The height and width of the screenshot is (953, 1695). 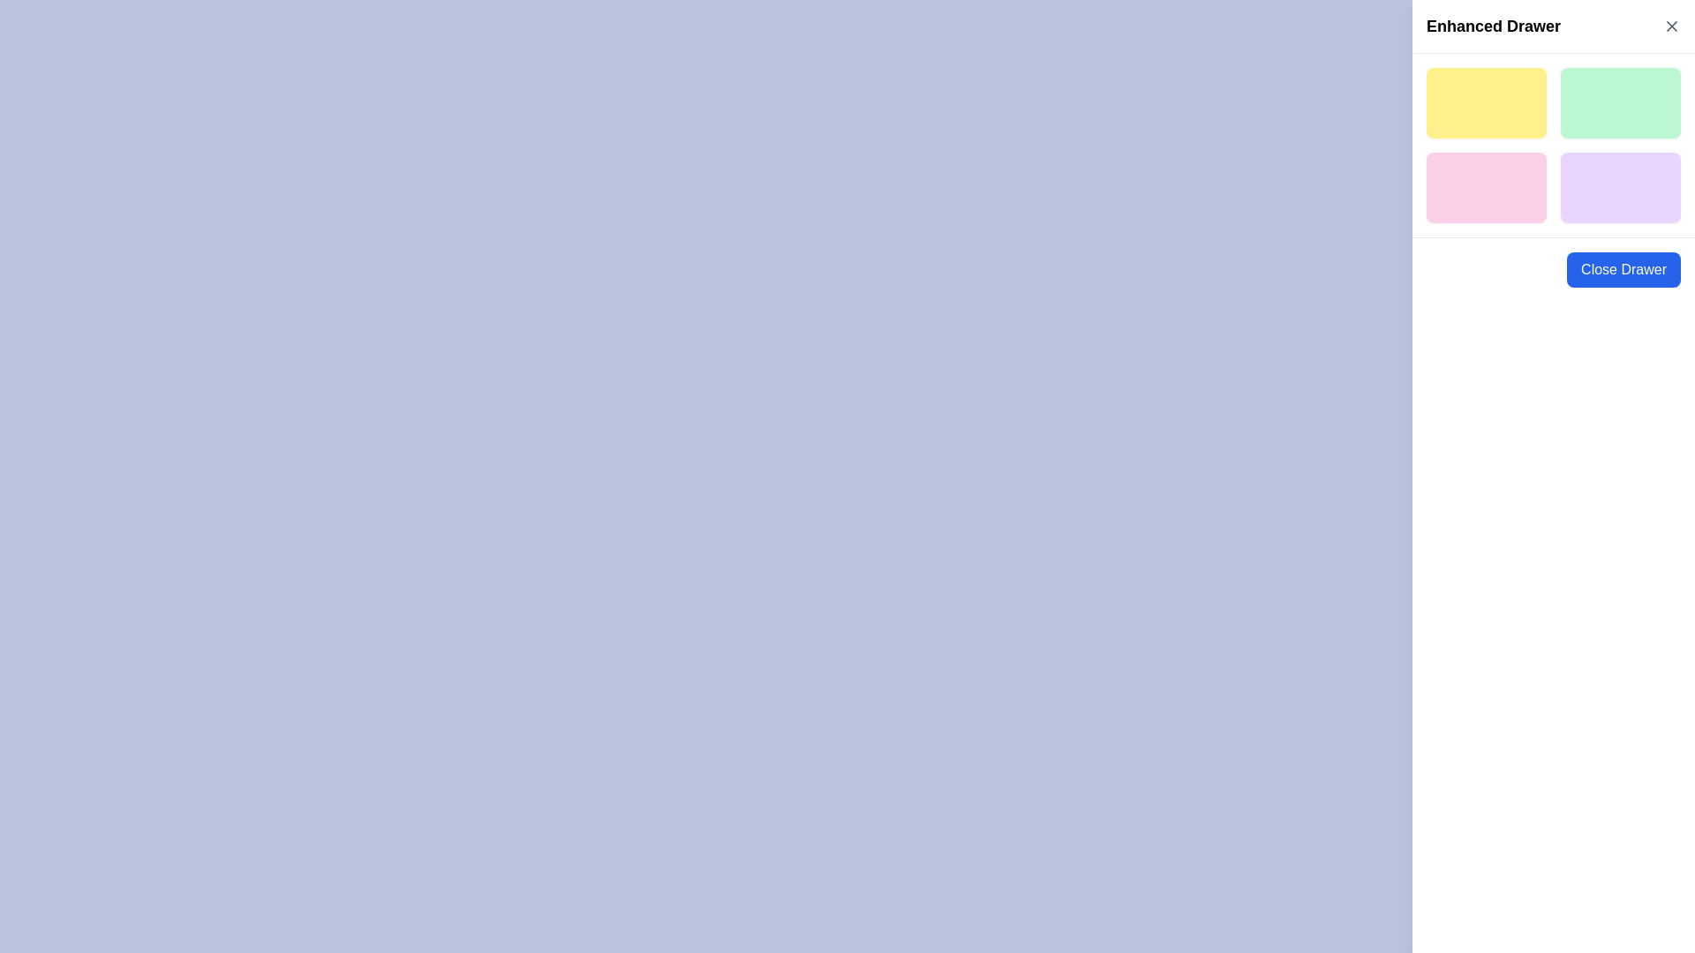 I want to click on the bold, large font header text displaying 'Enhanced Drawer', located at the top-right of the interface, which serves as the title for the section, so click(x=1493, y=26).